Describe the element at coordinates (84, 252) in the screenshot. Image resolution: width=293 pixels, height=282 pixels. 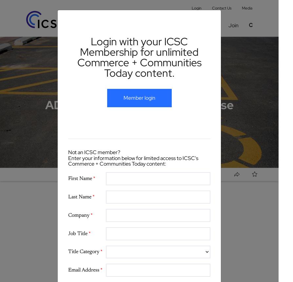
I see `'Title Category'` at that location.